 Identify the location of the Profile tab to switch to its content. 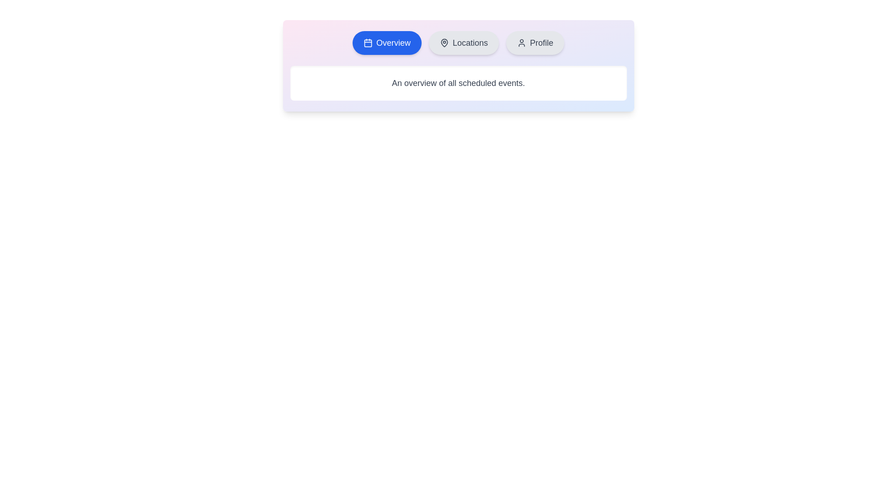
(535, 43).